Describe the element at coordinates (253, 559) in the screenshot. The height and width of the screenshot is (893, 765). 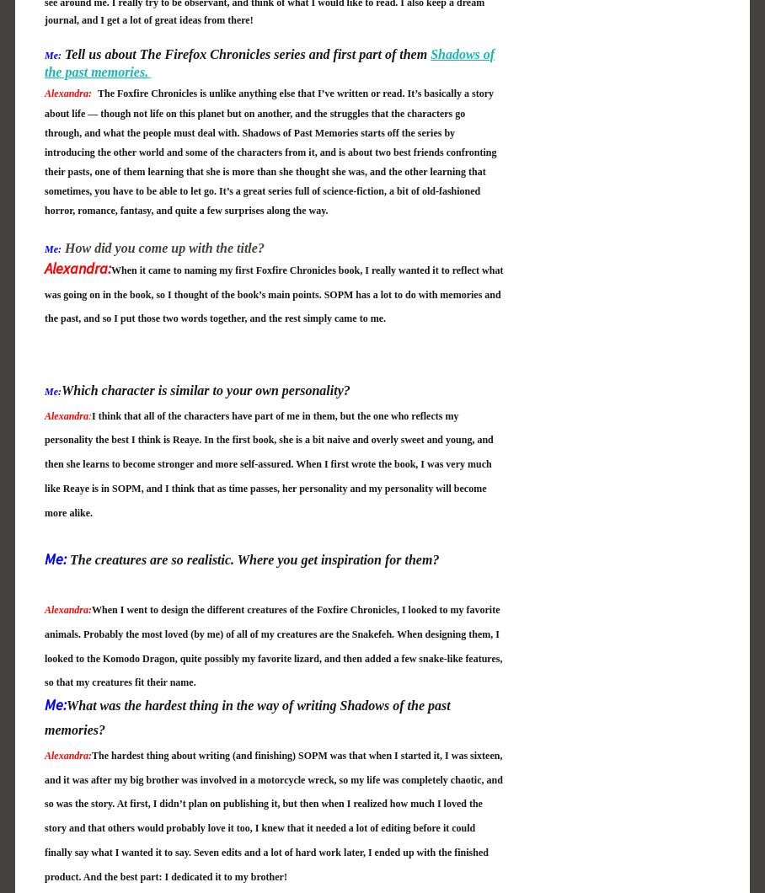
I see `'The creatures are so realistic. Where you get inspiration for them?'` at that location.